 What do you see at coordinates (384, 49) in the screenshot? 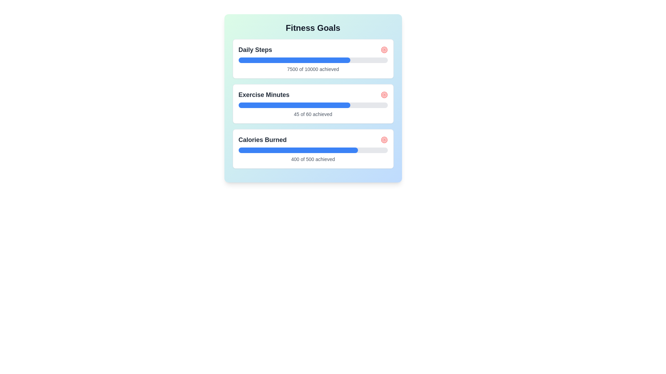
I see `the decorative multi-layered circular icon representing a target or goal symbol within the 'Exercise Minutes' UI card` at bounding box center [384, 49].